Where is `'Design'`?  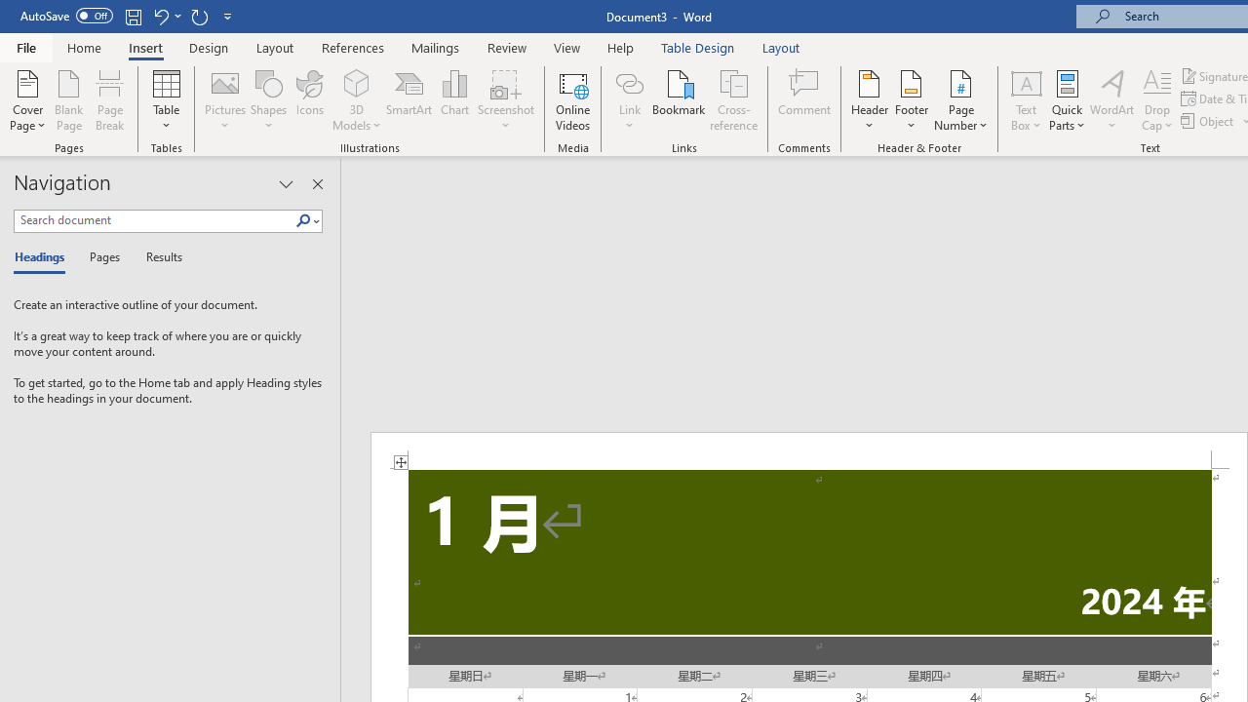 'Design' is located at coordinates (209, 47).